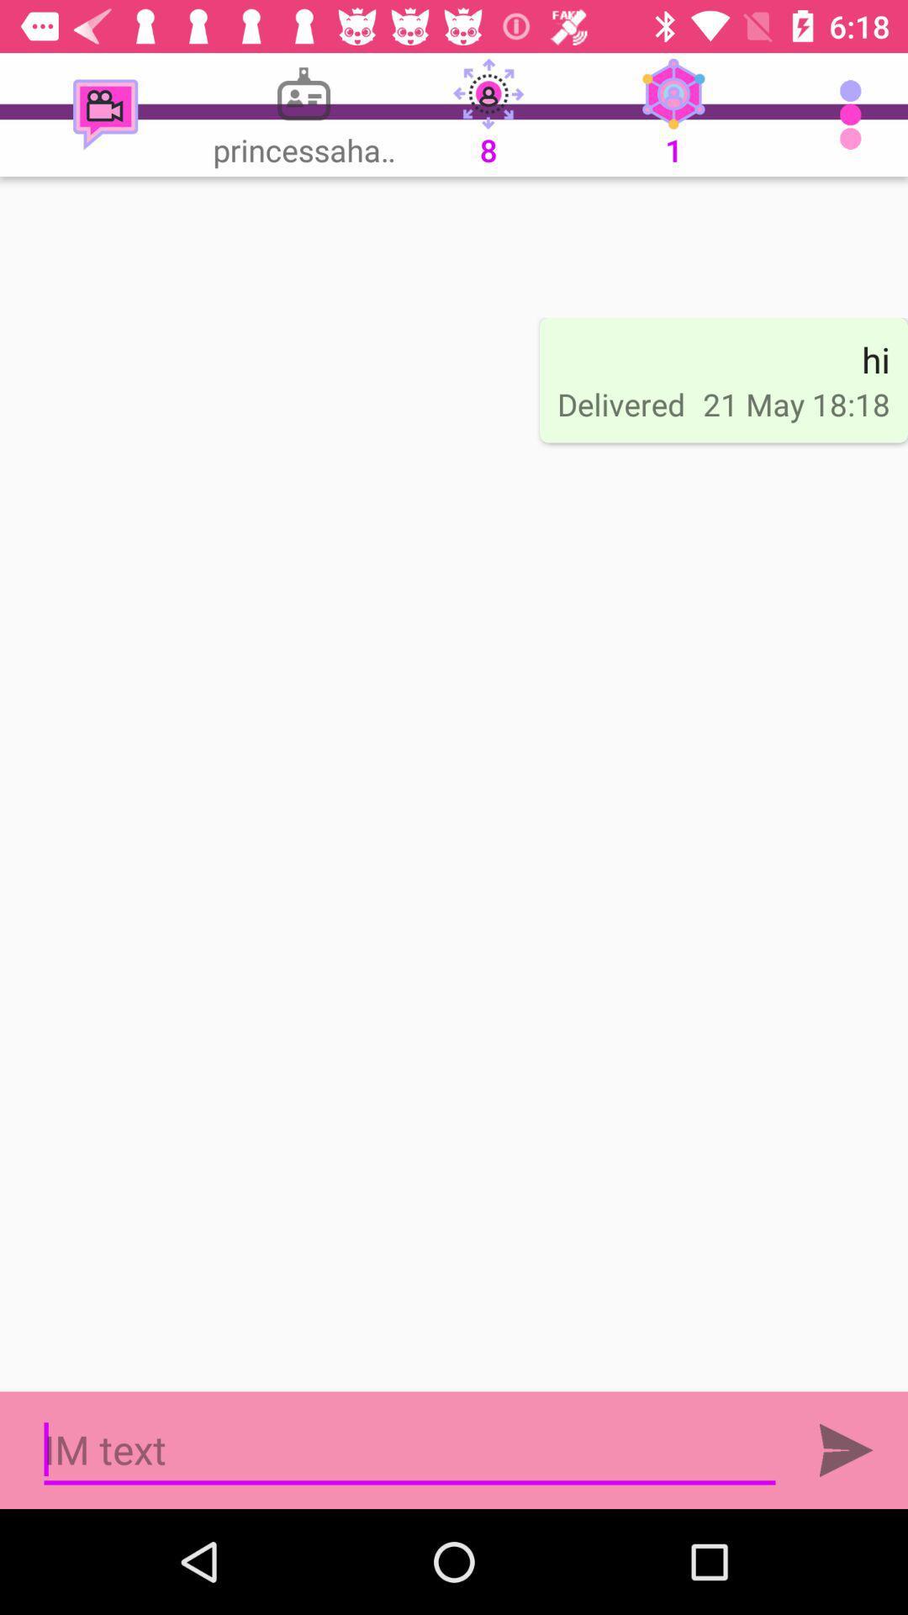 This screenshot has height=1615, width=908. I want to click on the send icon, so click(846, 1449).